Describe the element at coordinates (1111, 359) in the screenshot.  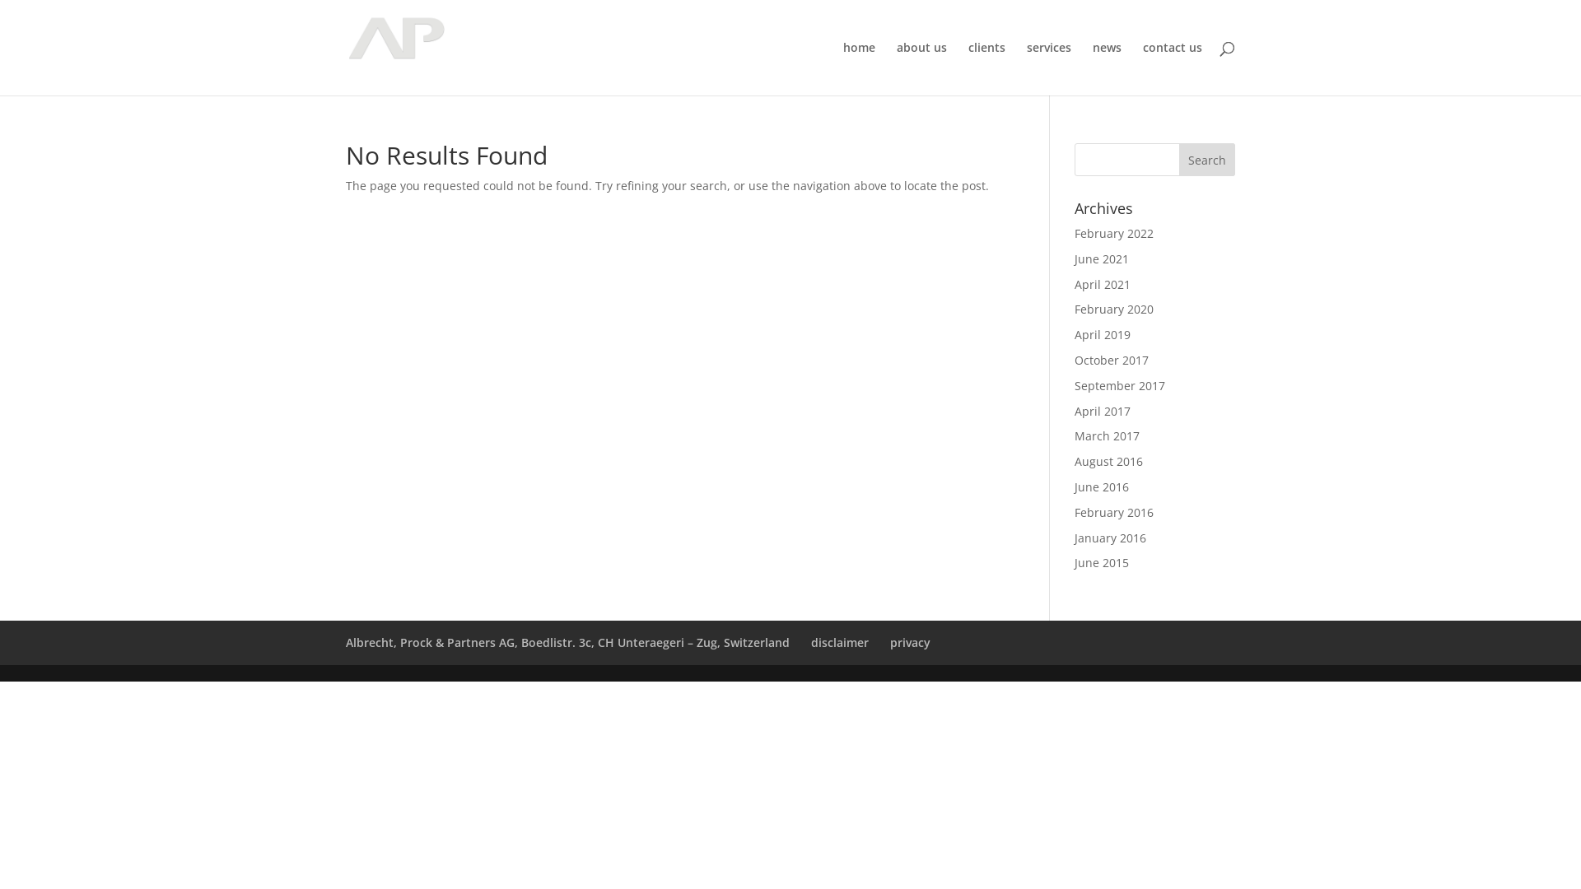
I see `'October 2017'` at that location.